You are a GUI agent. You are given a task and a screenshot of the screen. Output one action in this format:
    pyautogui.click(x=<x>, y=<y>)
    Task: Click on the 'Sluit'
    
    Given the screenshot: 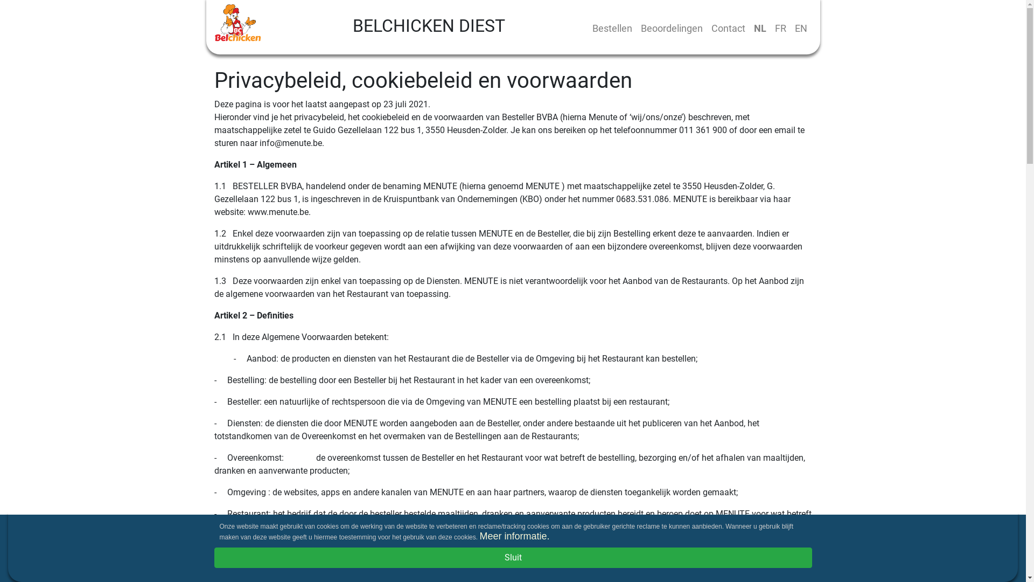 What is the action you would take?
    pyautogui.click(x=513, y=557)
    